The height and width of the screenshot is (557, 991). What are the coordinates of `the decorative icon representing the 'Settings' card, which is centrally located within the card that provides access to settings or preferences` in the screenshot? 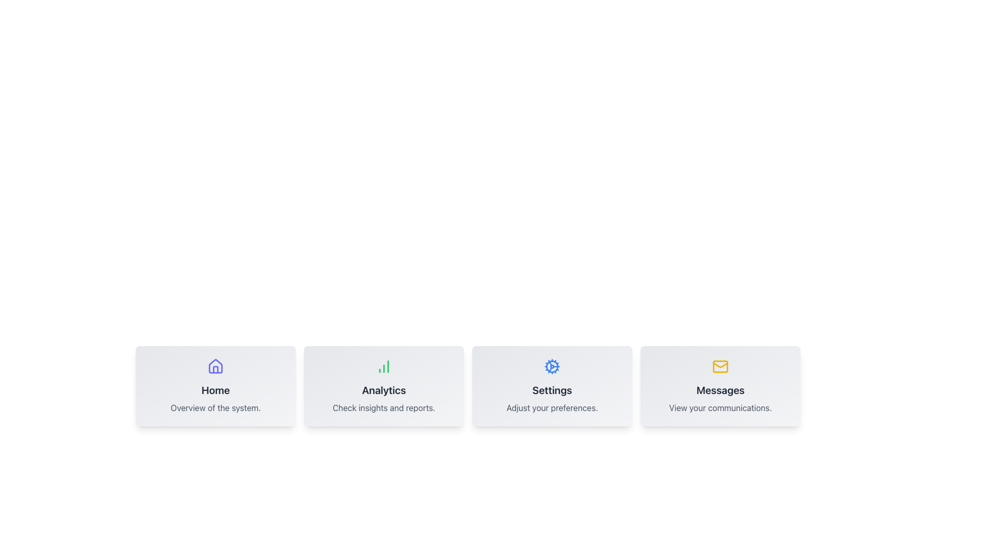 It's located at (552, 366).